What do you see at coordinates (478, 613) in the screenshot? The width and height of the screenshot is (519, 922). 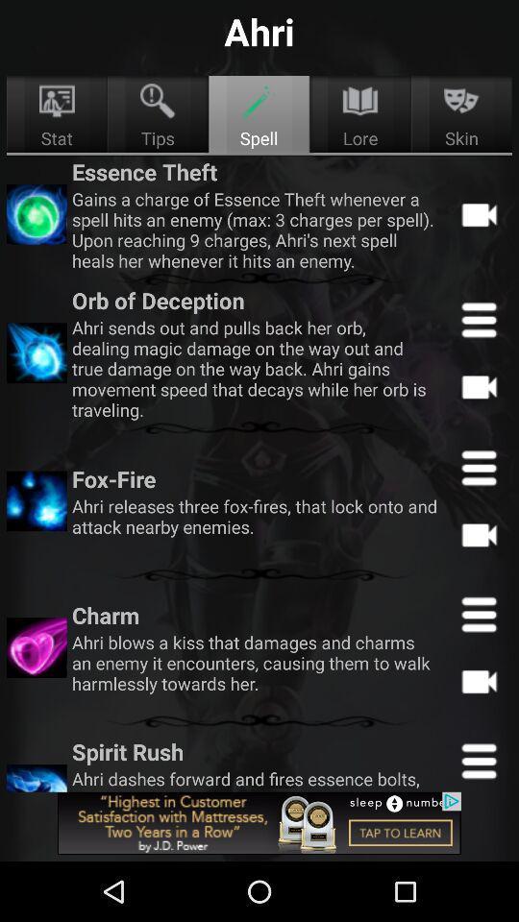 I see `more information` at bounding box center [478, 613].